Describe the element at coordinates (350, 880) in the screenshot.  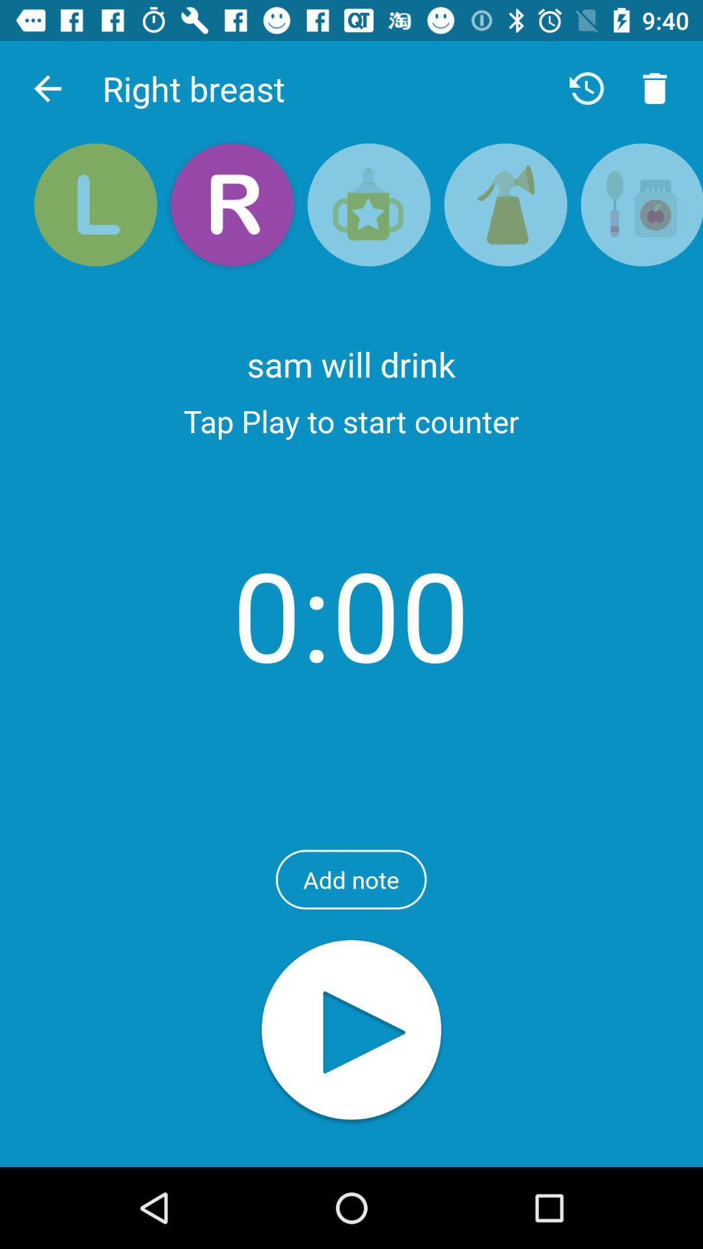
I see `icon below 0:00` at that location.